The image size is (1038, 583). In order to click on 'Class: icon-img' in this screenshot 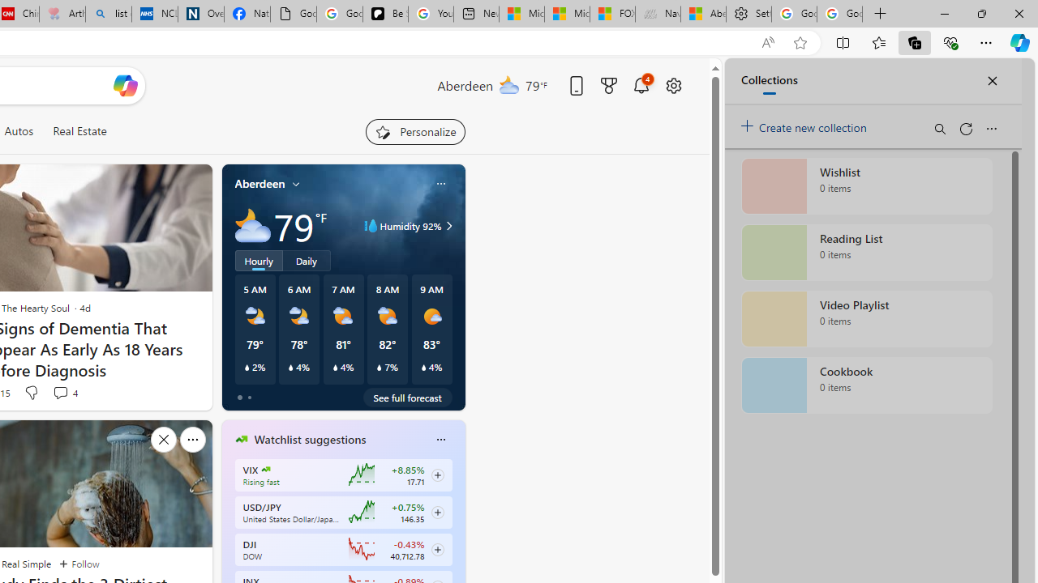, I will do `click(440, 439)`.